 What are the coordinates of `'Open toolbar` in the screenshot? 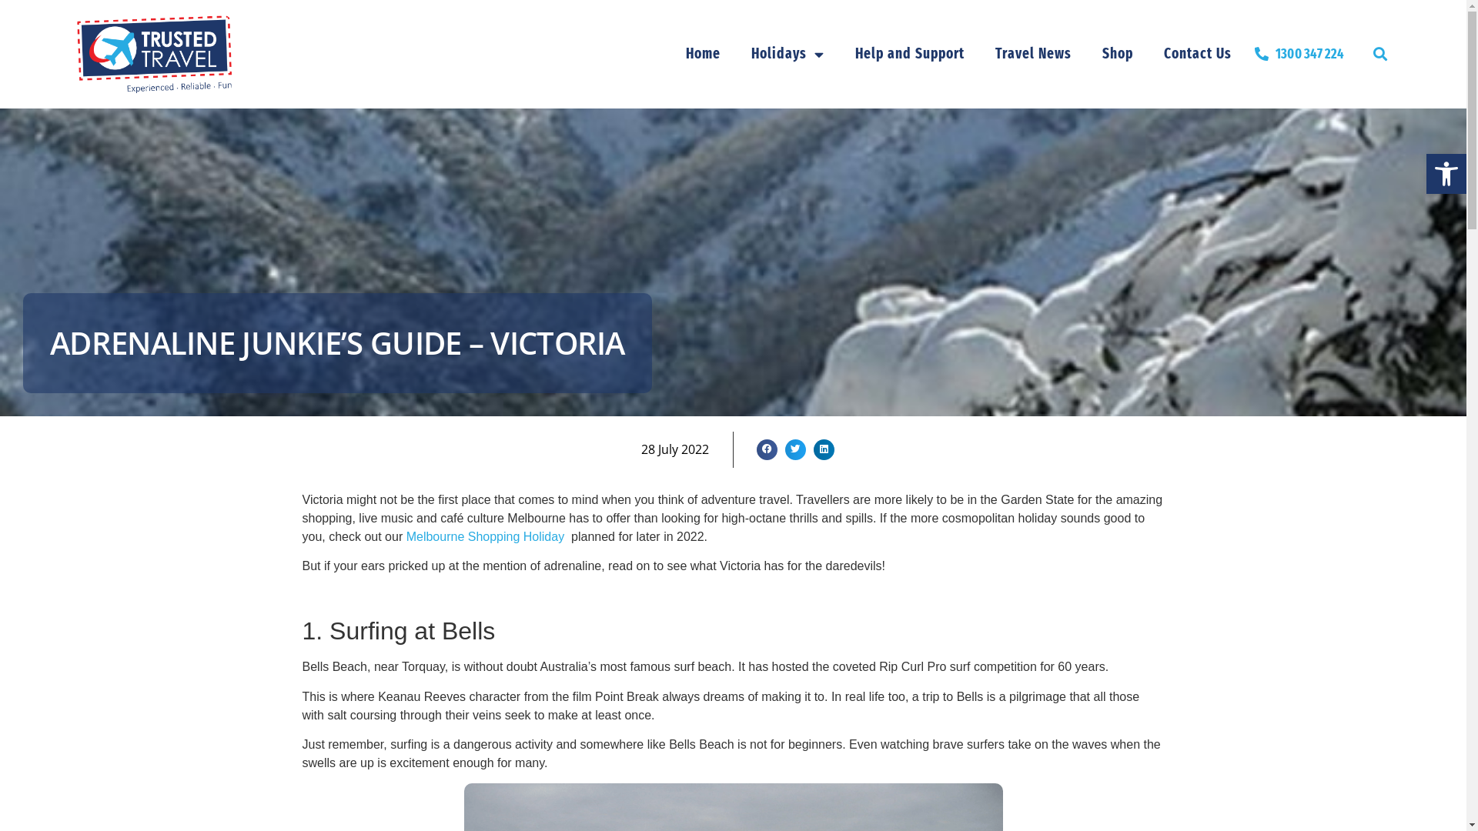 It's located at (1445, 173).